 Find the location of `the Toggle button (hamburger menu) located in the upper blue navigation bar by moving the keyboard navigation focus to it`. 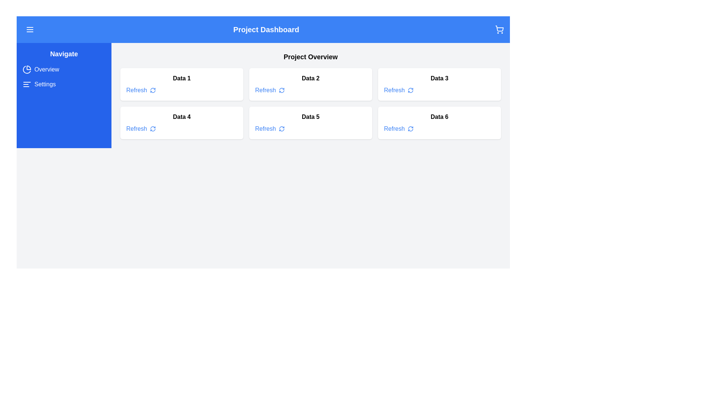

the Toggle button (hamburger menu) located in the upper blue navigation bar by moving the keyboard navigation focus to it is located at coordinates (30, 29).